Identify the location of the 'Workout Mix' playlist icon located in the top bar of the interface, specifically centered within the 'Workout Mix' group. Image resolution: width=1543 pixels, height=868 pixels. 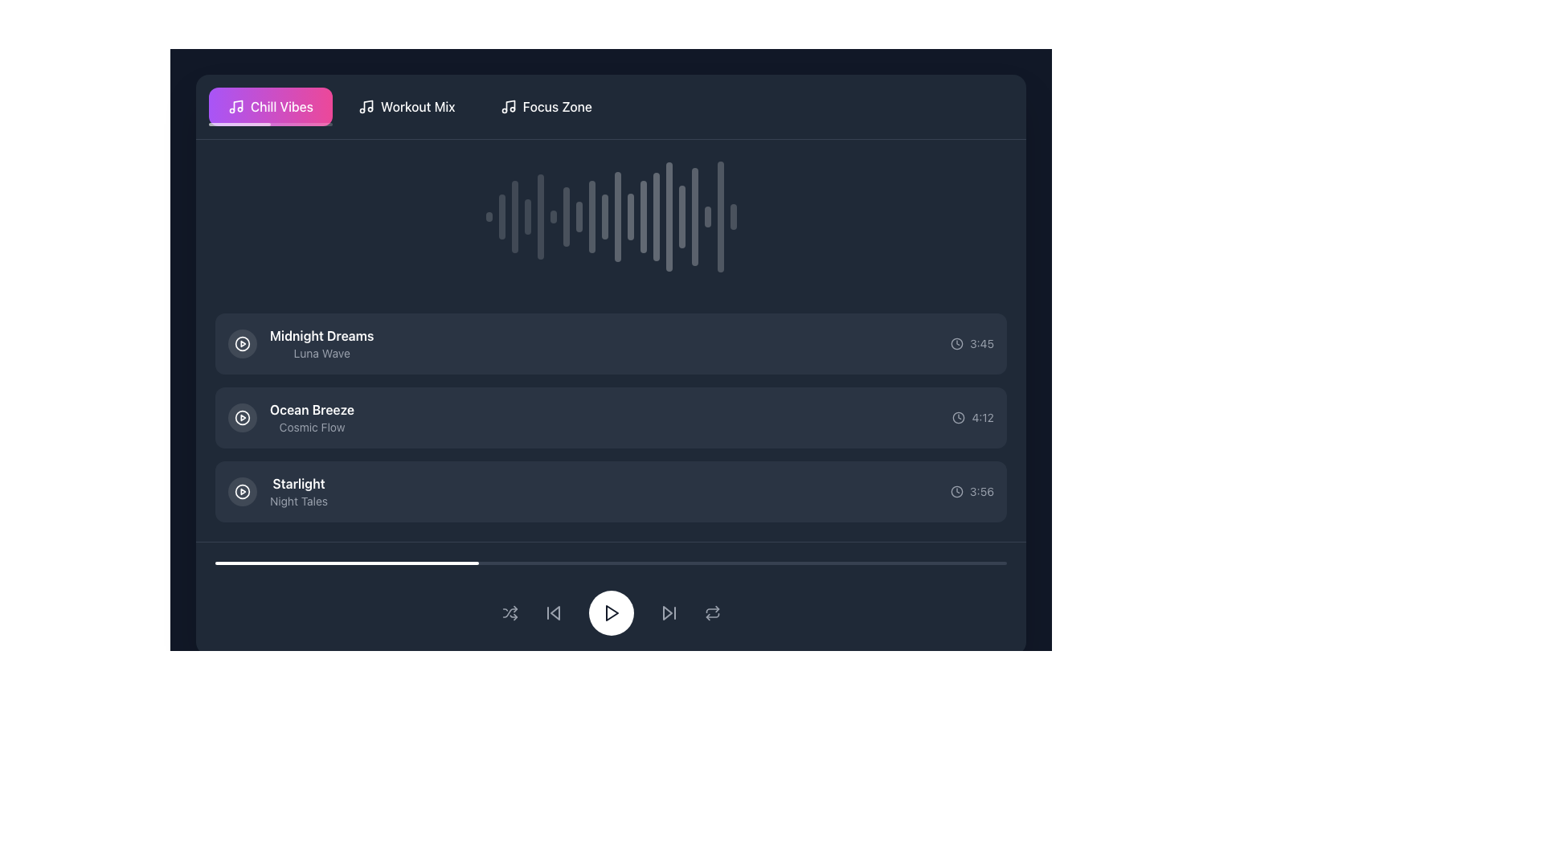
(366, 106).